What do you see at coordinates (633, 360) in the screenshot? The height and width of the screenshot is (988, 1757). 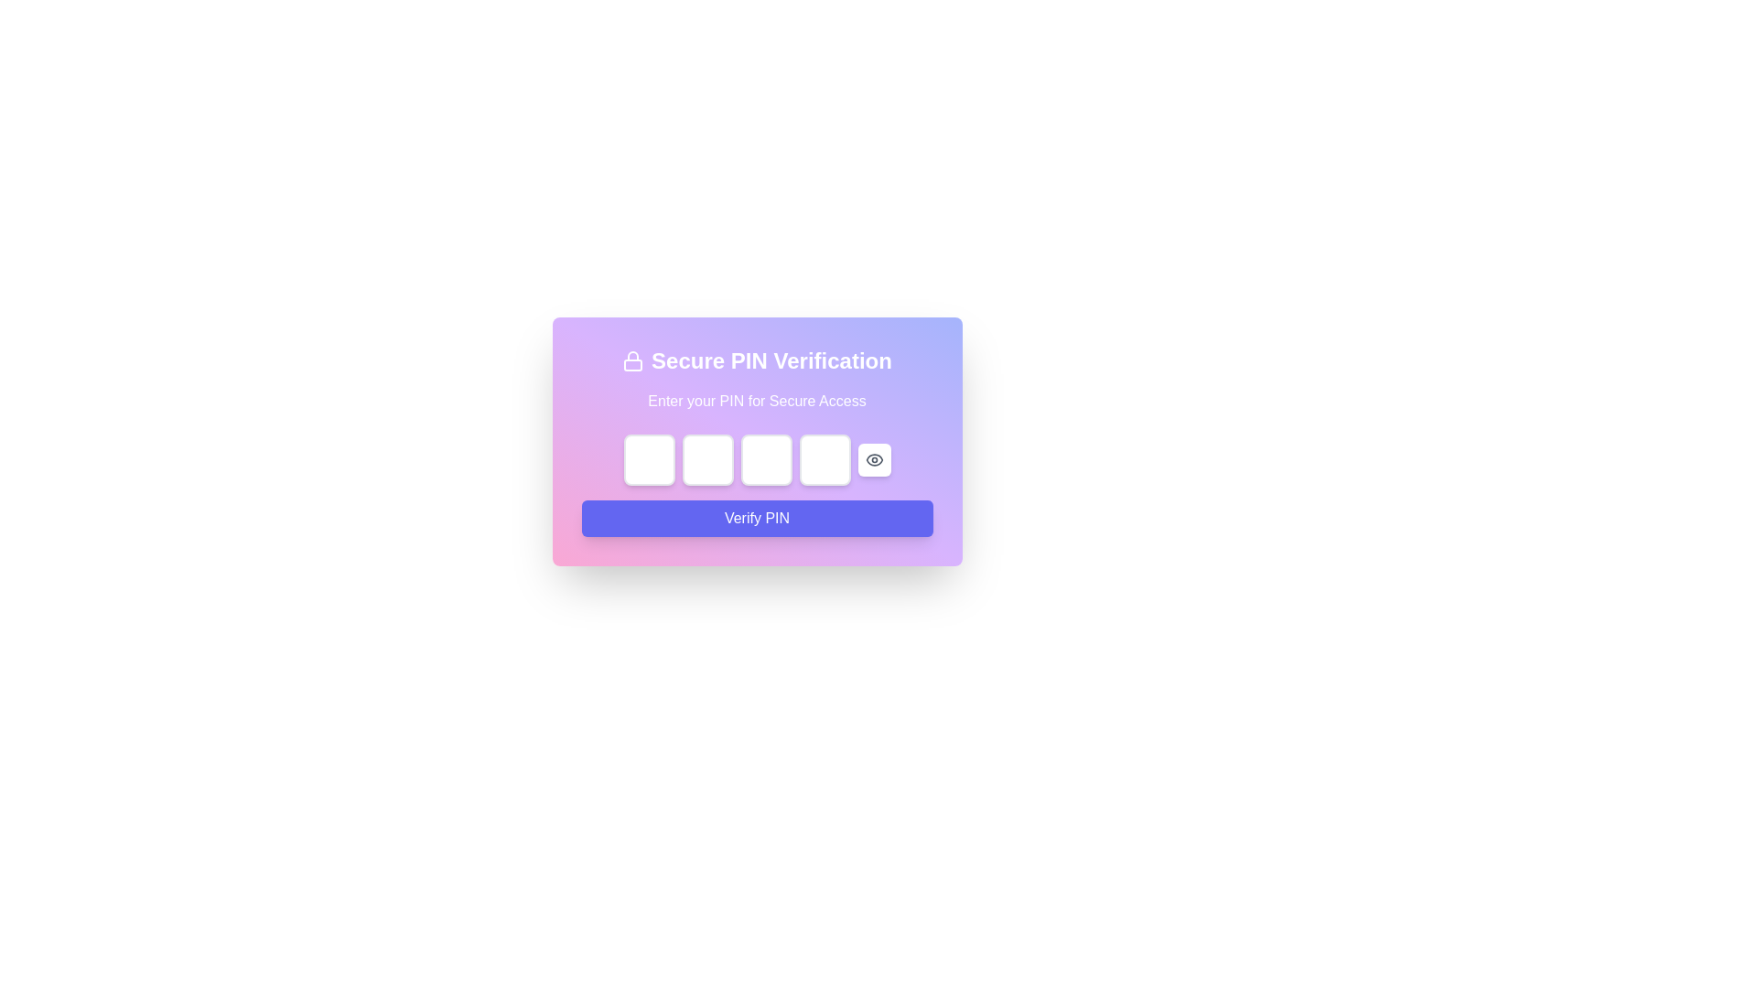 I see `the decorative lock icon located to the left of the 'Secure PIN Verification' title text, which visually represents security` at bounding box center [633, 360].